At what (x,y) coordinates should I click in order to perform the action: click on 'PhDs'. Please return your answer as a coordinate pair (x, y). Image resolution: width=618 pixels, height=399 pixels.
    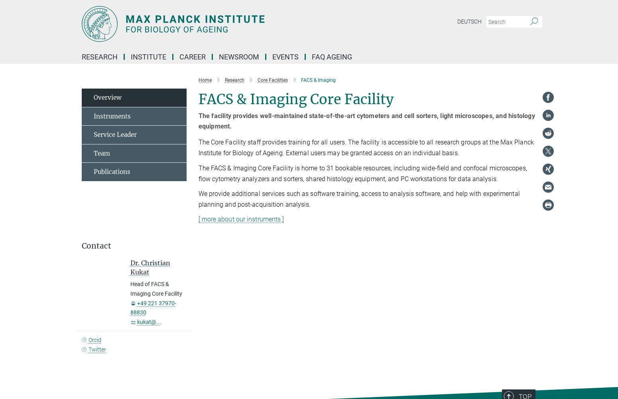
    Looking at the image, I should click on (211, 130).